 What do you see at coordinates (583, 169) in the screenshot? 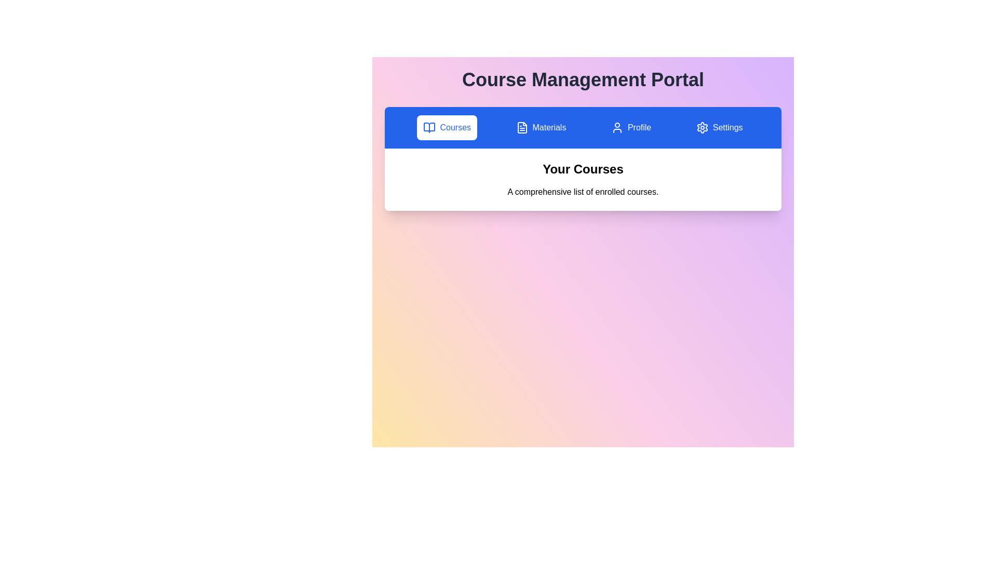
I see `the Text label (header) indicating the section's purpose for displaying information related to the user's courses, which is positioned above the subtitle 'A comprehensive list of enrolled courses'` at bounding box center [583, 169].